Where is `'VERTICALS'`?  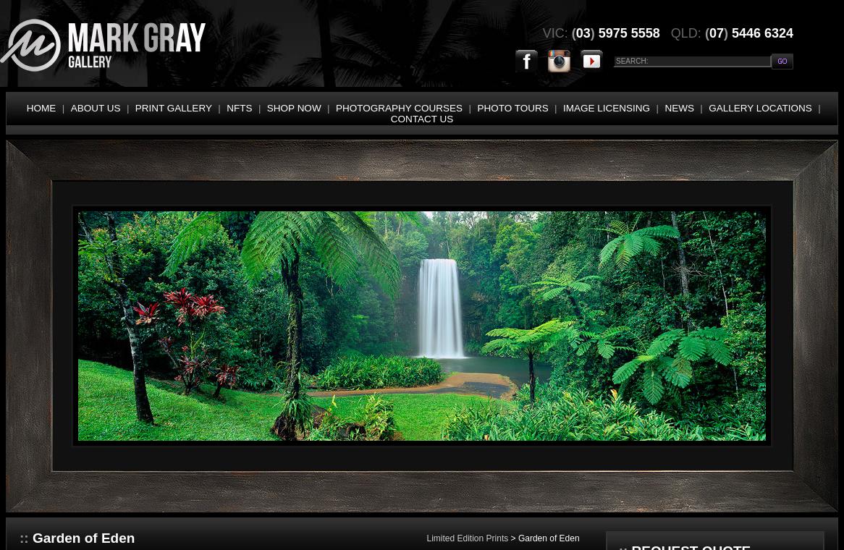
'VERTICALS' is located at coordinates (36, 491).